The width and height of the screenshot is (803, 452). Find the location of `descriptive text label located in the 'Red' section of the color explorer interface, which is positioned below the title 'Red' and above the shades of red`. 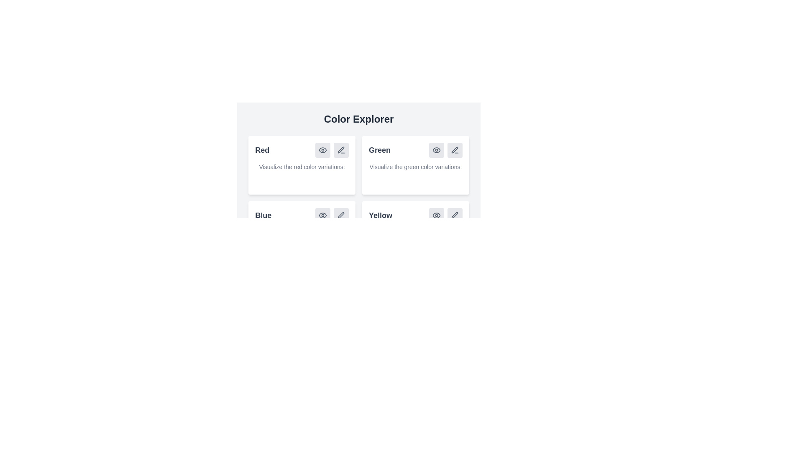

descriptive text label located in the 'Red' section of the color explorer interface, which is positioned below the title 'Red' and above the shades of red is located at coordinates (302, 175).